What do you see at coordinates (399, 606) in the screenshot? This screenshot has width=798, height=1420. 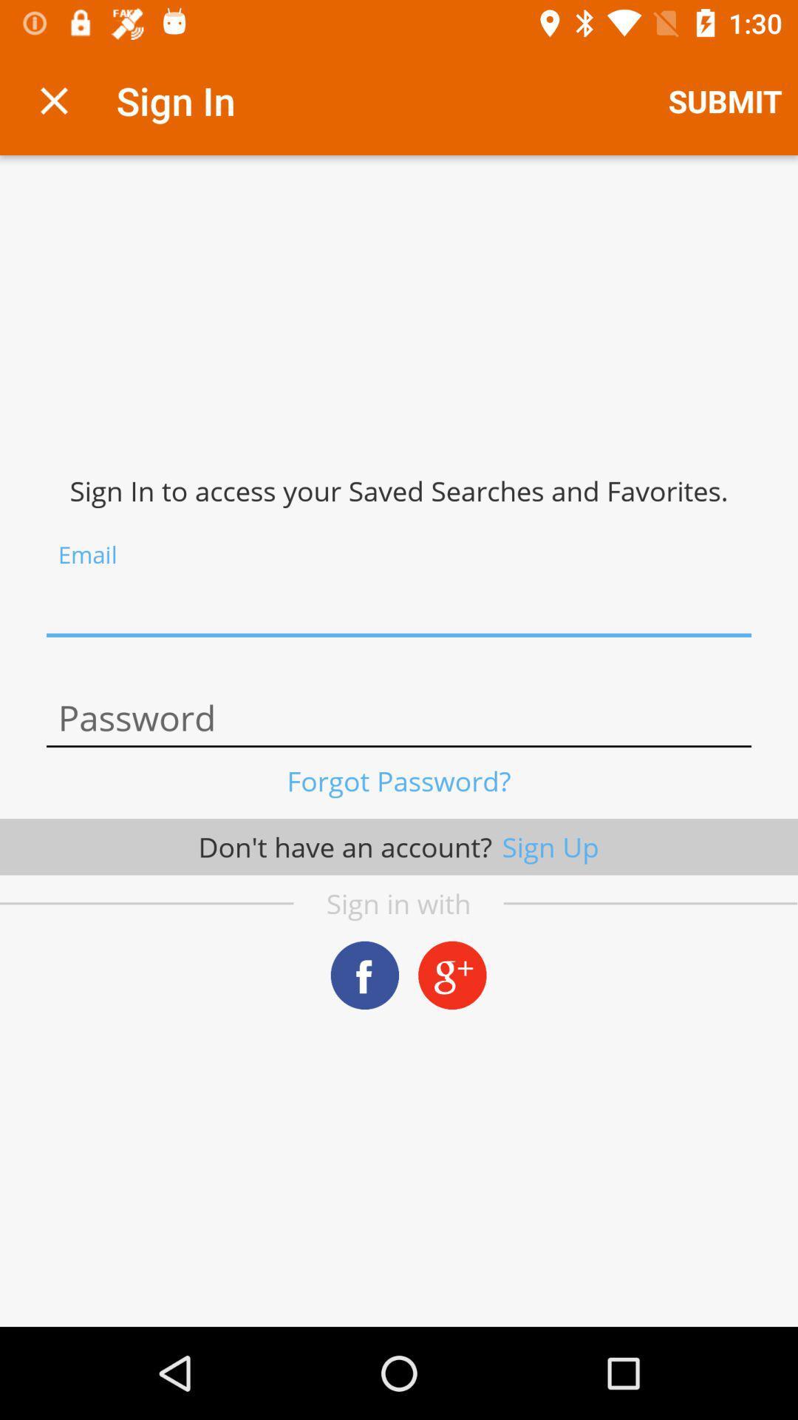 I see `sign up` at bounding box center [399, 606].